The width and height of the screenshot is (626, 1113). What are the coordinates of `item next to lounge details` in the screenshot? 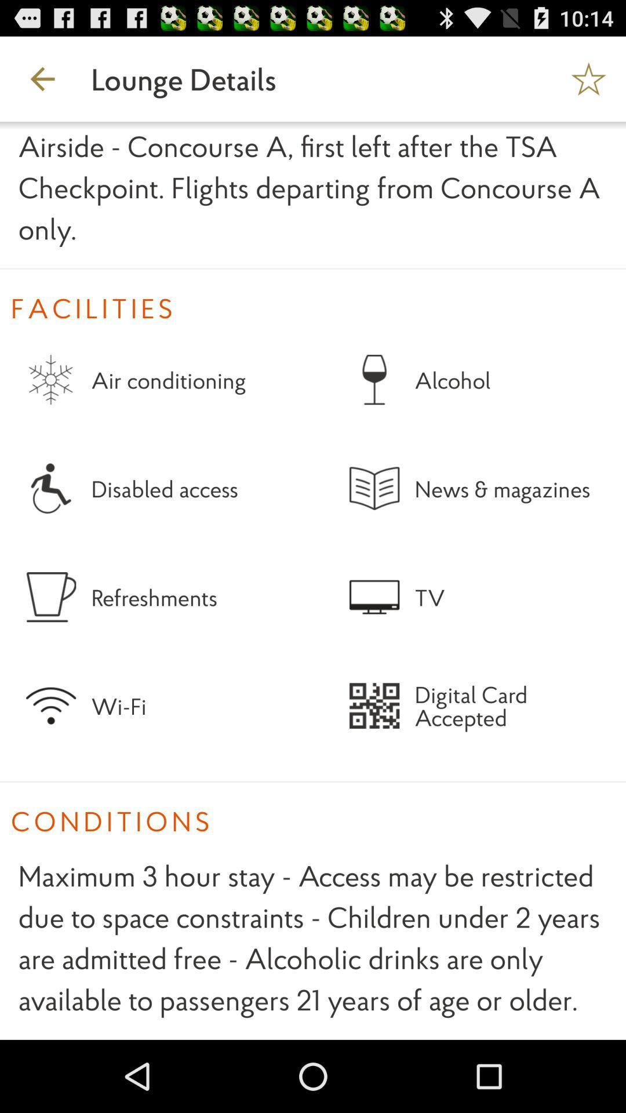 It's located at (589, 78).